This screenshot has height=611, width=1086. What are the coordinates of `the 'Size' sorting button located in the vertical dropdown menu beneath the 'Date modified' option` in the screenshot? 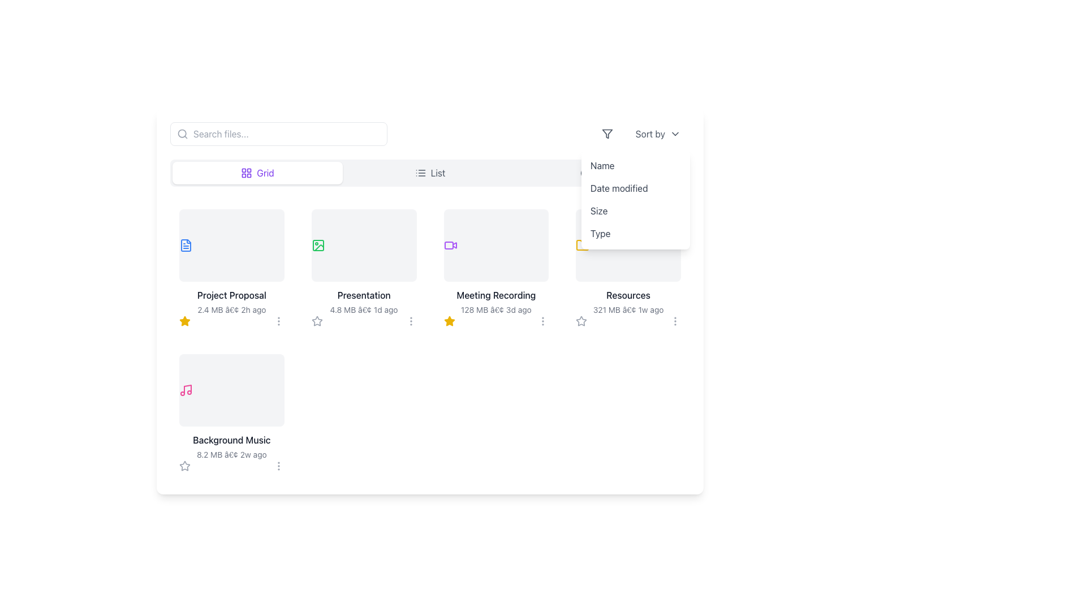 It's located at (635, 211).